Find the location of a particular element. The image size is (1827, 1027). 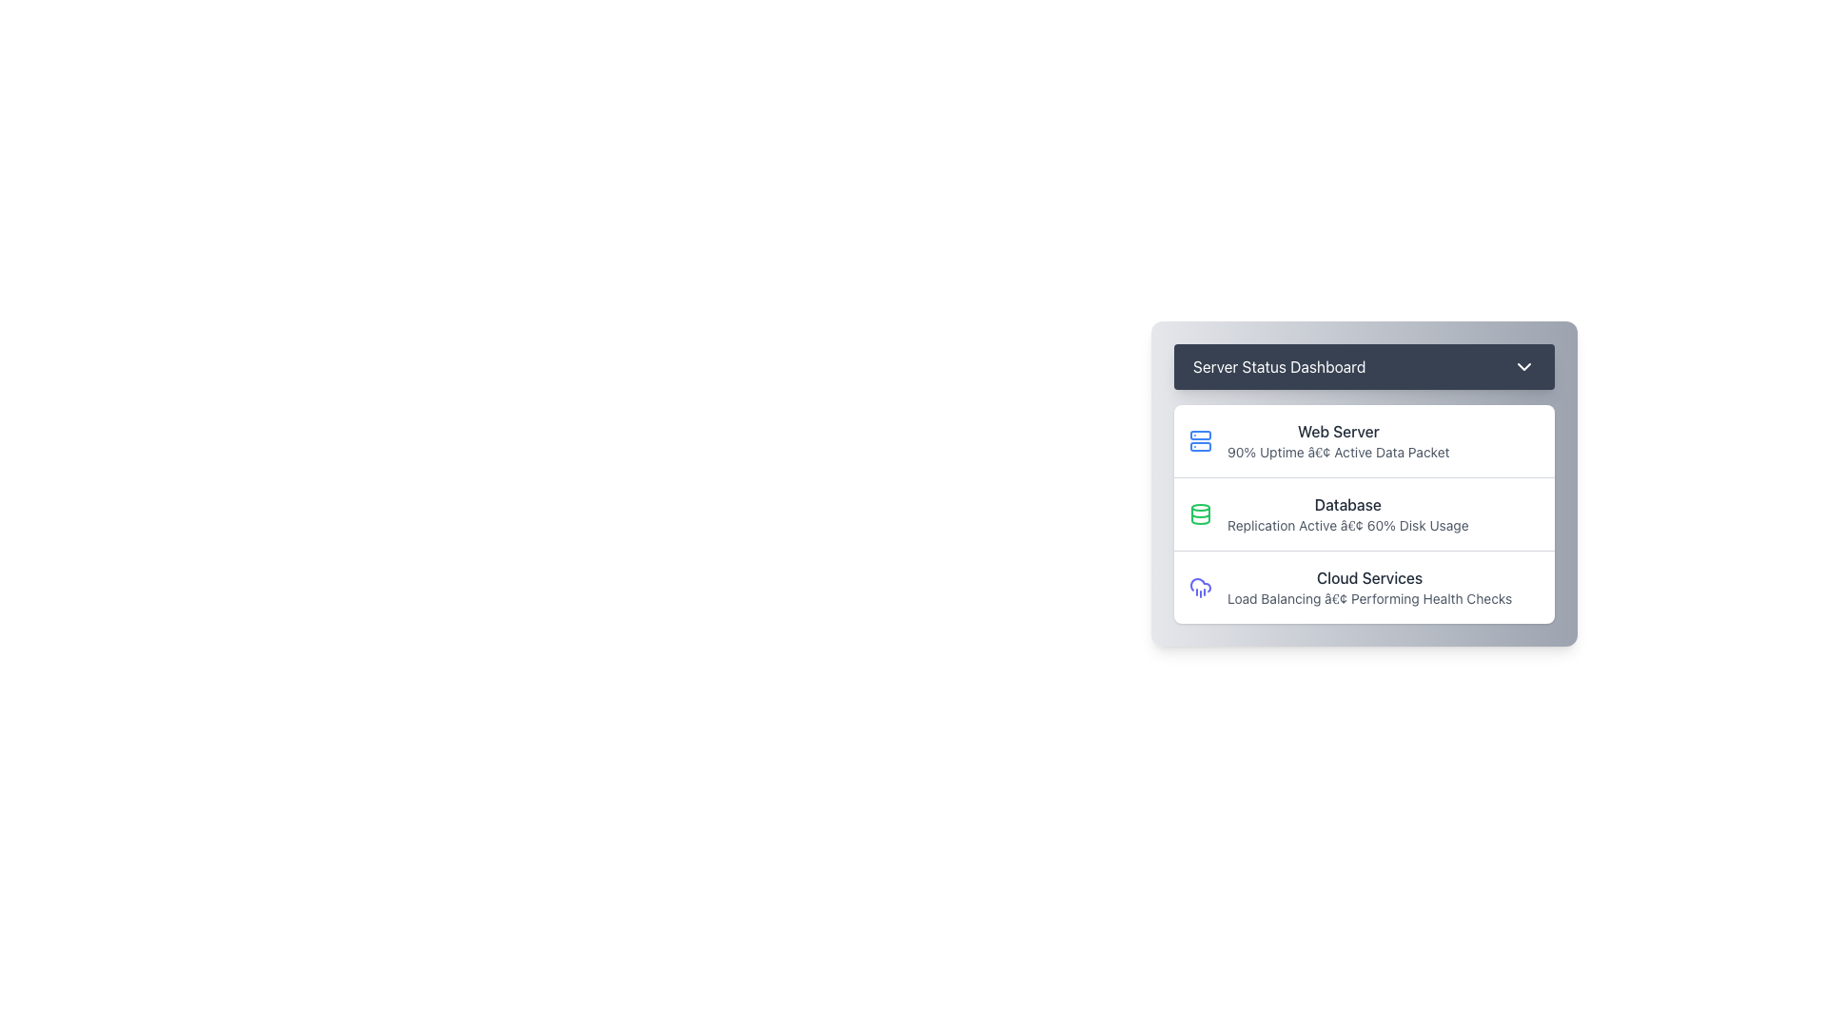

the 'Web Server' icon located on the far left of the 'Web Server' item in the 'Server Status Dashboard' interface is located at coordinates (1200, 440).